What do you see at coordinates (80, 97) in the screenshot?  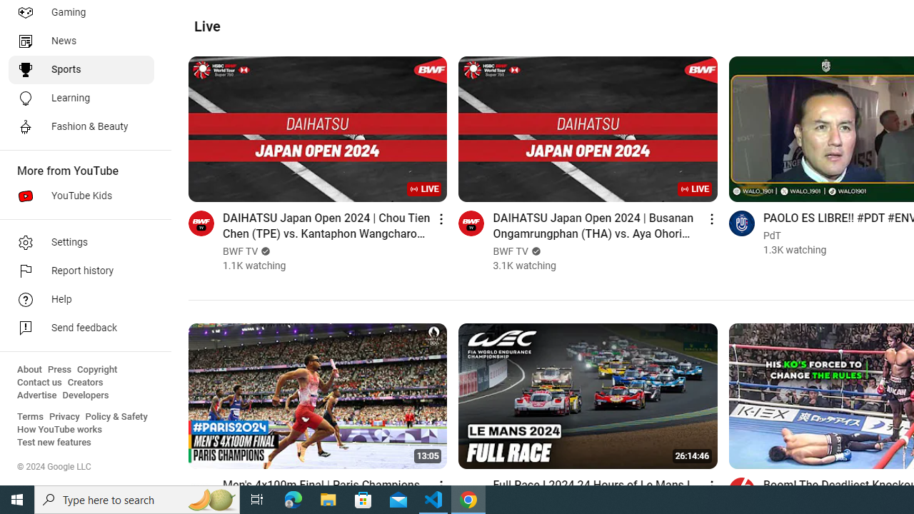 I see `'Learning'` at bounding box center [80, 97].